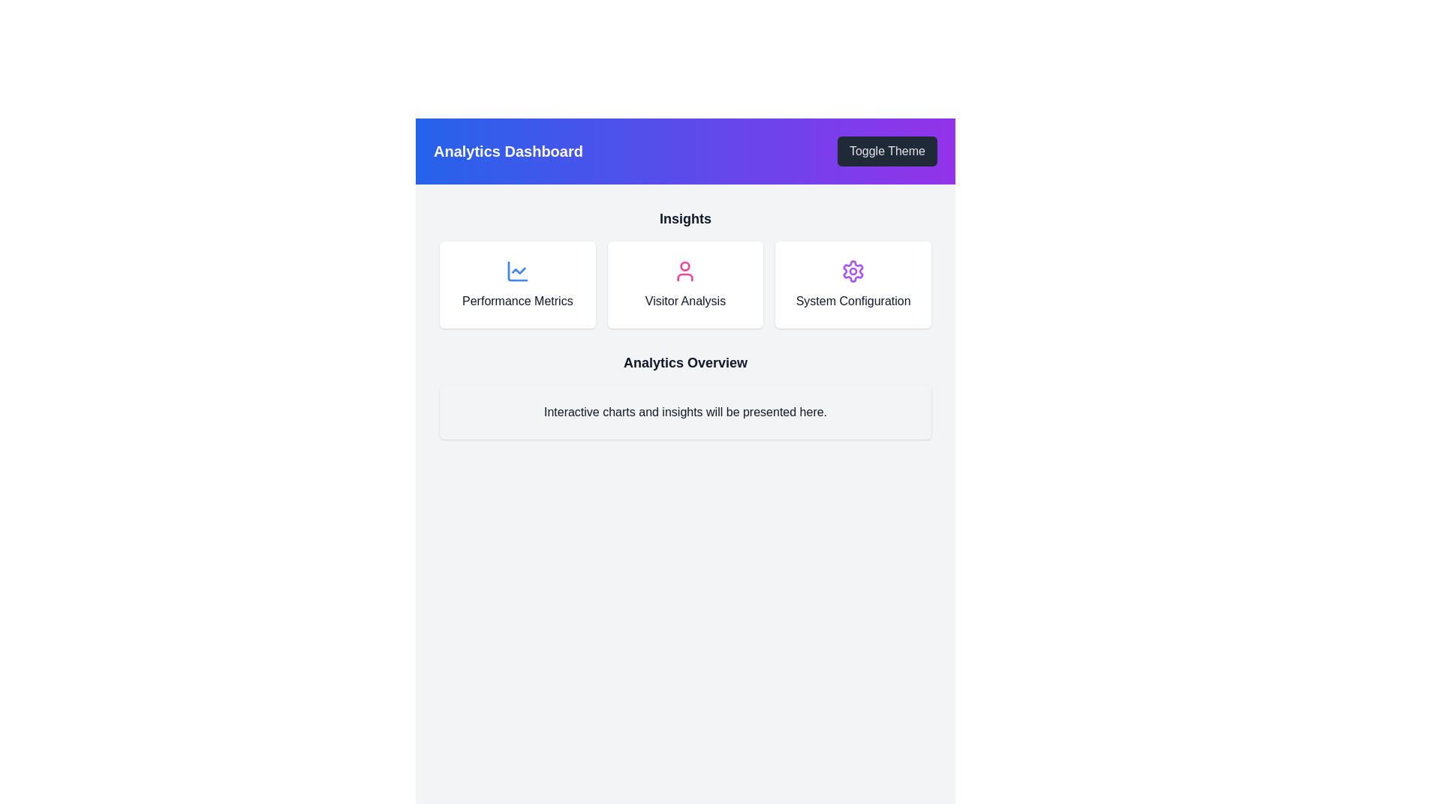 This screenshot has width=1441, height=810. Describe the element at coordinates (684, 412) in the screenshot. I see `the Informational panel with the text 'Interactive charts and insights will be presented here.' which is located directly below the 'Analytics Overview' heading` at that location.